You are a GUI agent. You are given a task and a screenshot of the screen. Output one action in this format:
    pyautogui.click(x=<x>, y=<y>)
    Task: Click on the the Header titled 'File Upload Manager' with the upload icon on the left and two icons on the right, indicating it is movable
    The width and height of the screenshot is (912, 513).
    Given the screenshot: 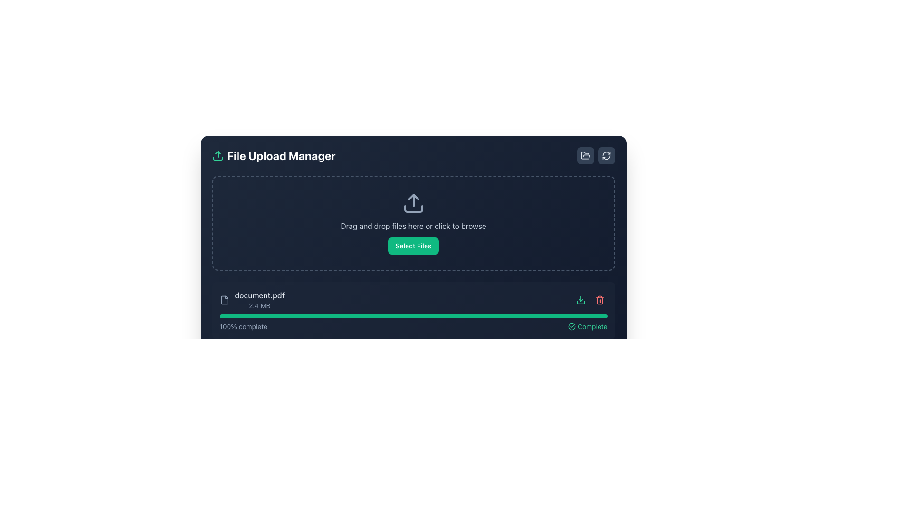 What is the action you would take?
    pyautogui.click(x=413, y=155)
    